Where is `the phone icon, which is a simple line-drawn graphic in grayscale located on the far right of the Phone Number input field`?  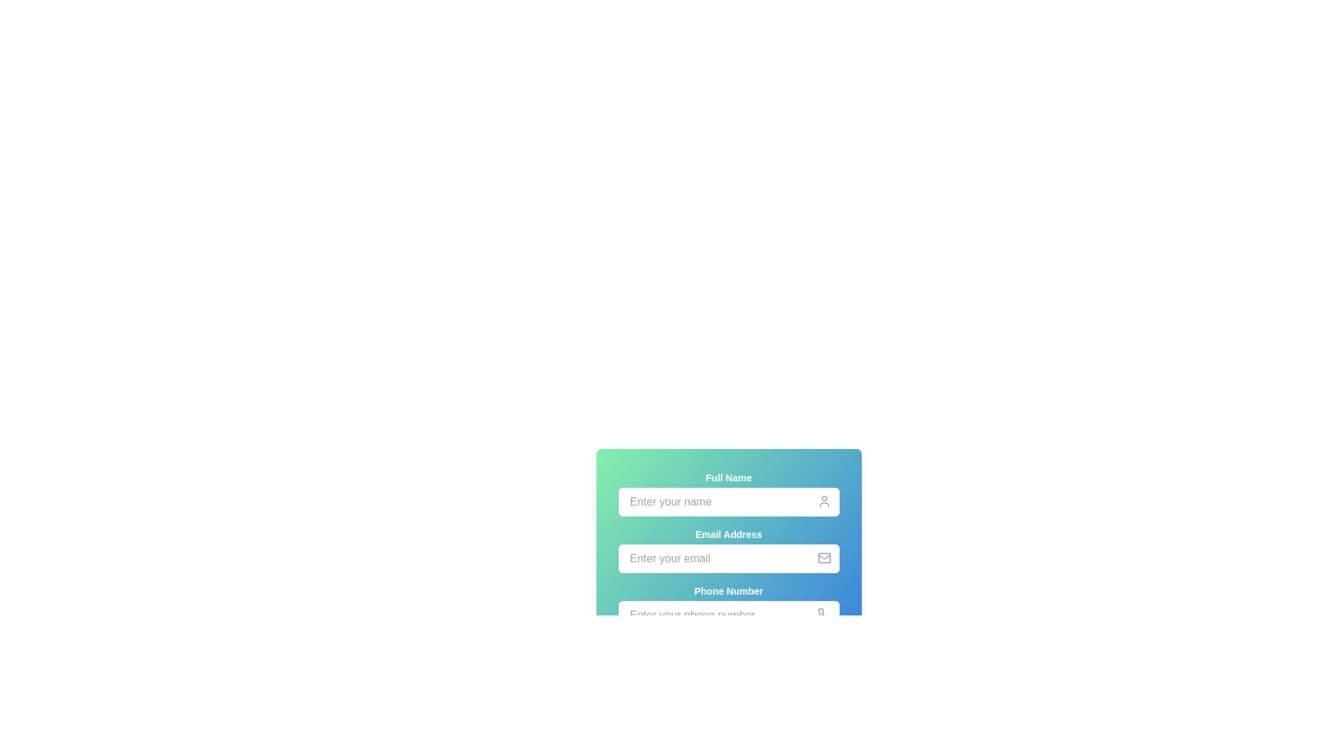
the phone icon, which is a simple line-drawn graphic in grayscale located on the far right of the Phone Number input field is located at coordinates (824, 614).